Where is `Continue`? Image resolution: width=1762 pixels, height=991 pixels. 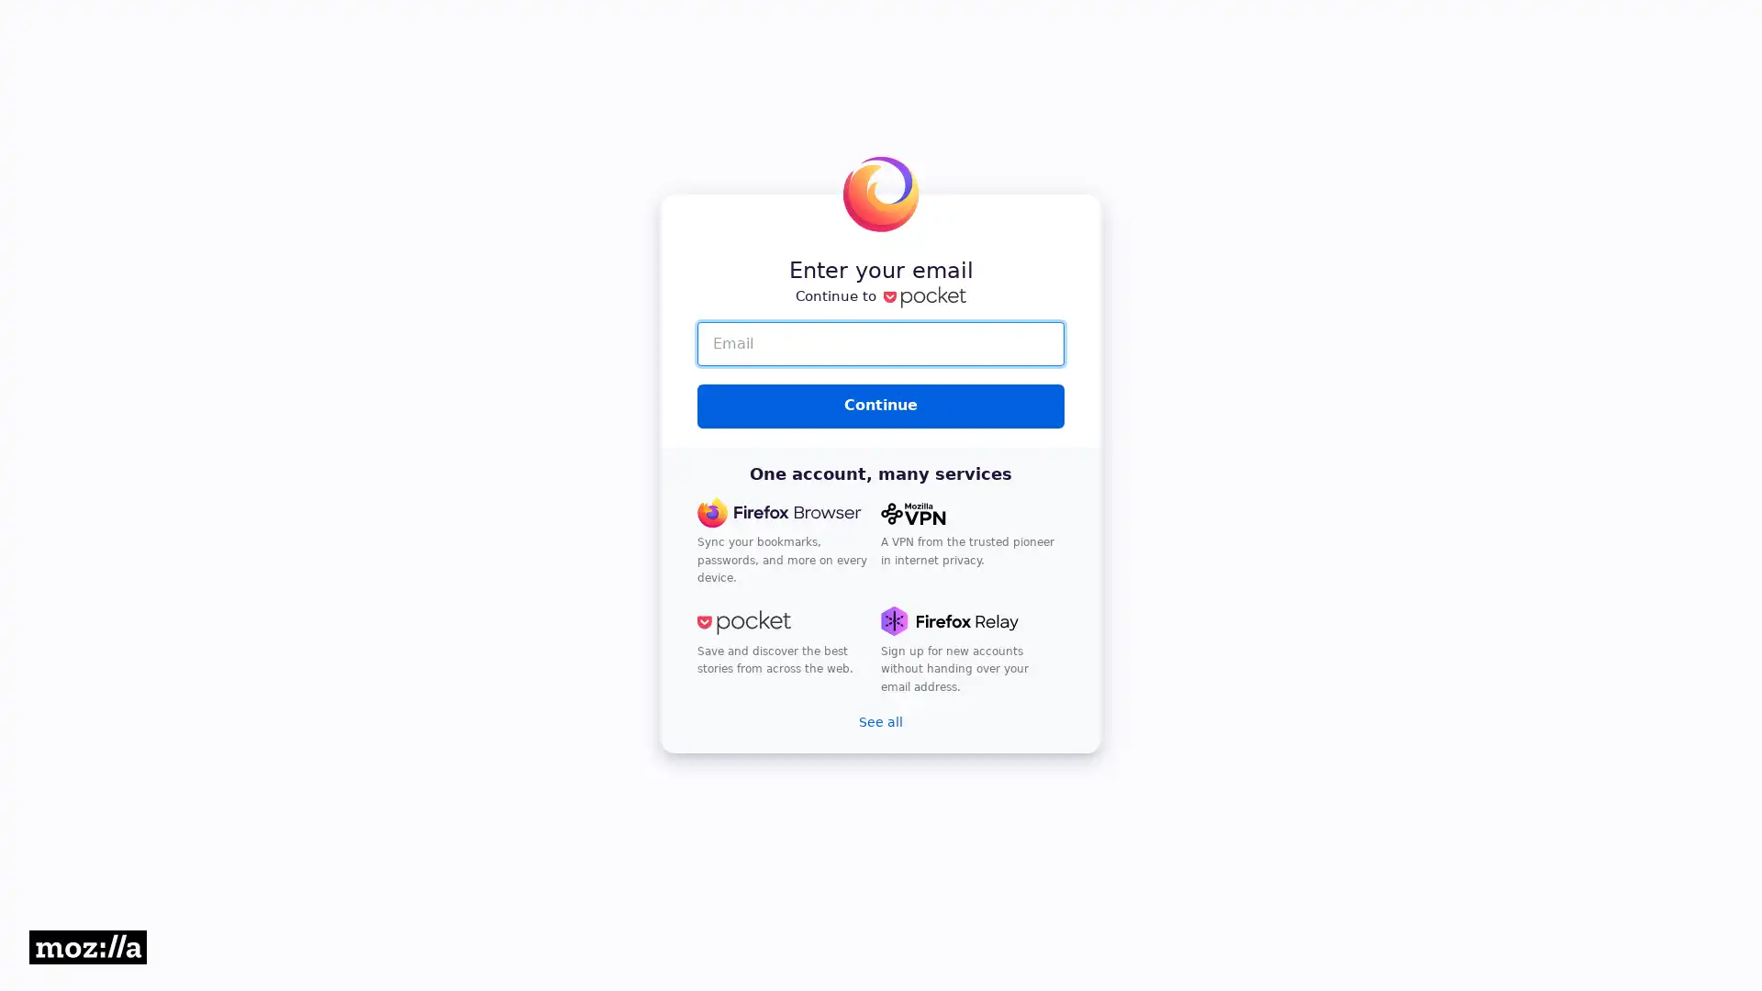
Continue is located at coordinates (881, 405).